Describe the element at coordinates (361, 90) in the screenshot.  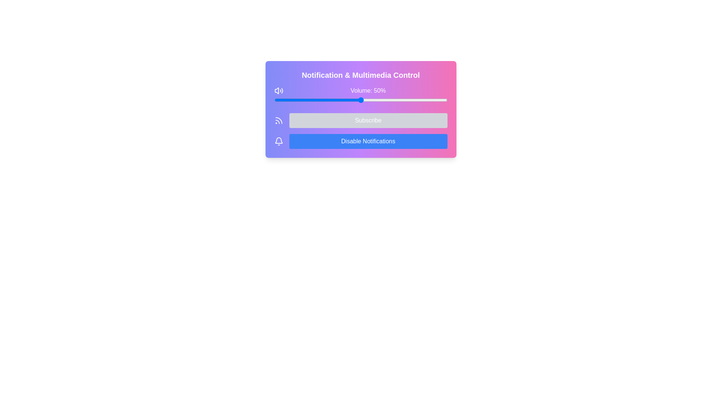
I see `the text display label that shows 'Volume: 50%' in white font on a gradient background` at that location.